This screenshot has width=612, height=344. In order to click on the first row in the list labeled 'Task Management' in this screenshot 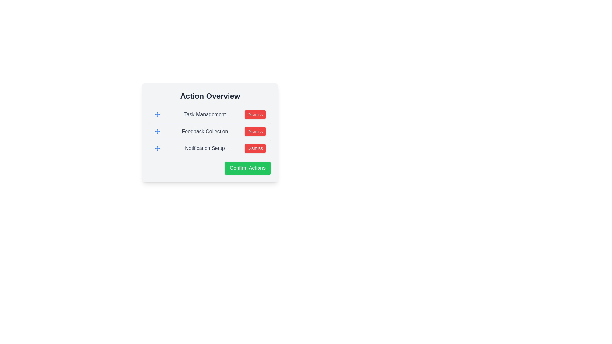, I will do `click(210, 114)`.